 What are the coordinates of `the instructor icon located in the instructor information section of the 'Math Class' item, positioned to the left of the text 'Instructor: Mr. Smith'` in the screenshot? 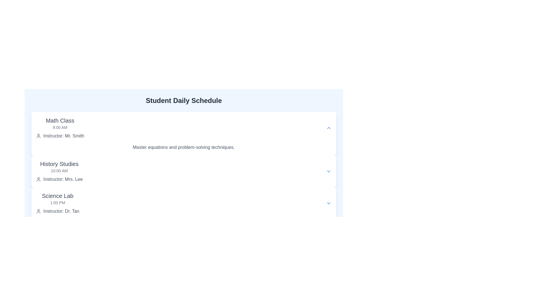 It's located at (38, 136).